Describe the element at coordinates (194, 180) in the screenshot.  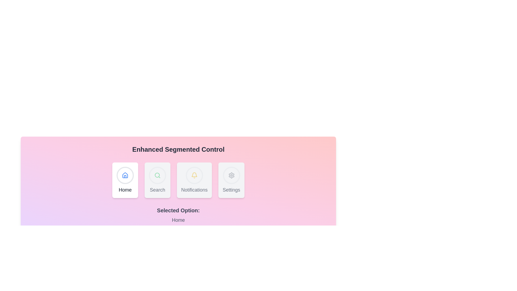
I see `the 'Notifications' button in the segmented control interface` at that location.